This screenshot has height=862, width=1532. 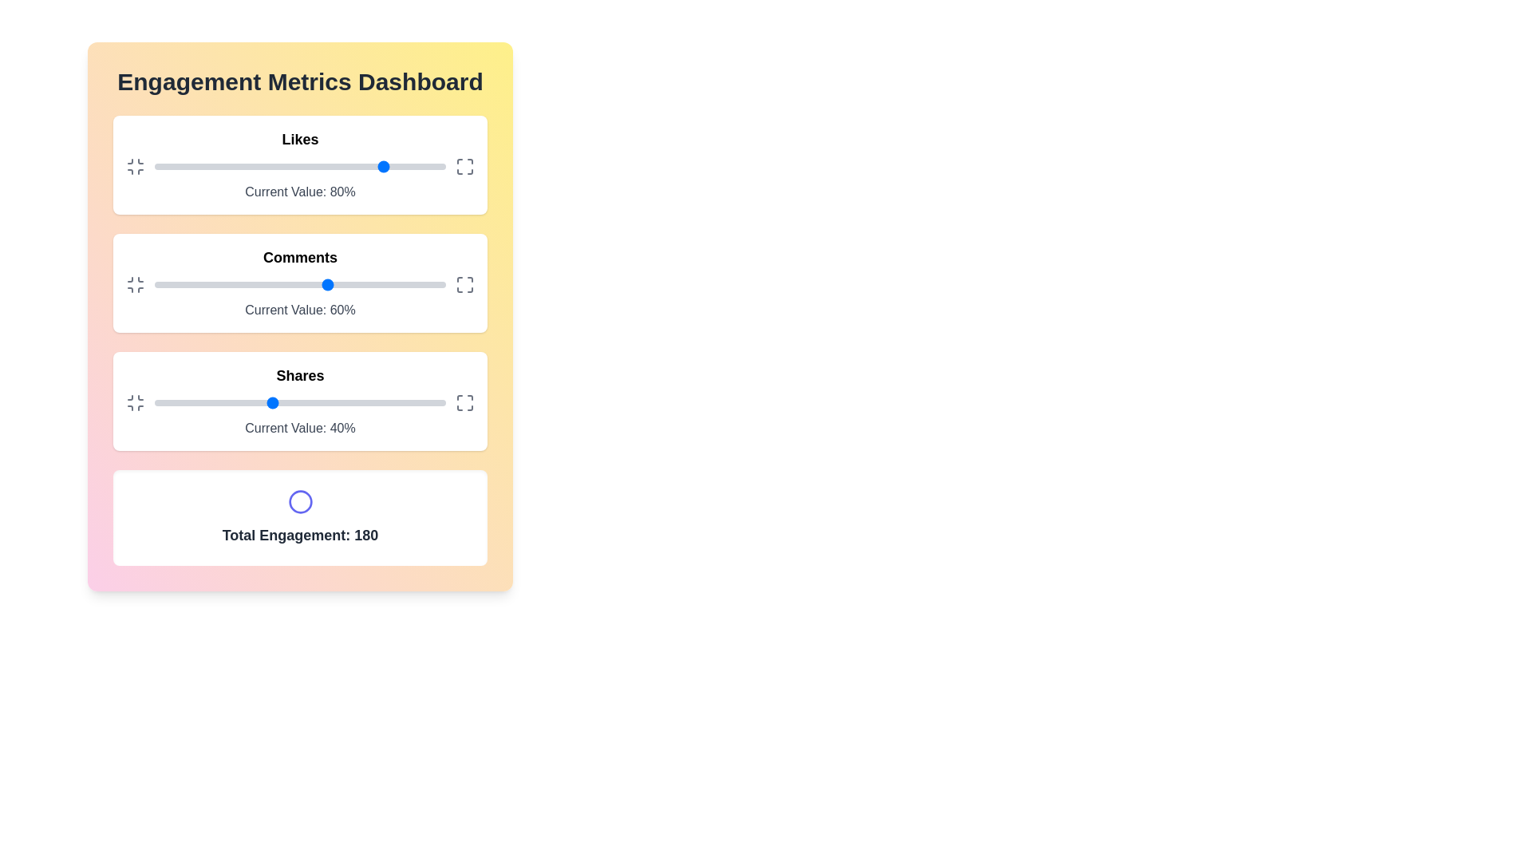 I want to click on the Decorative Circular Icon that is centrally located above the 'Total Engagement: 180' text in the dashboard panel, so click(x=300, y=500).